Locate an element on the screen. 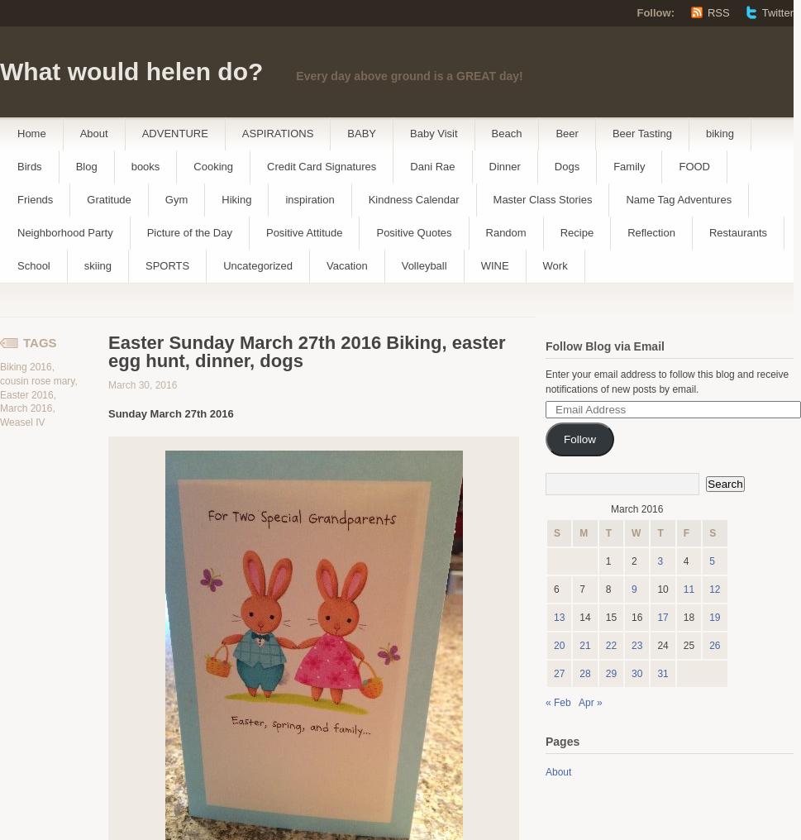  '4' is located at coordinates (685, 560).